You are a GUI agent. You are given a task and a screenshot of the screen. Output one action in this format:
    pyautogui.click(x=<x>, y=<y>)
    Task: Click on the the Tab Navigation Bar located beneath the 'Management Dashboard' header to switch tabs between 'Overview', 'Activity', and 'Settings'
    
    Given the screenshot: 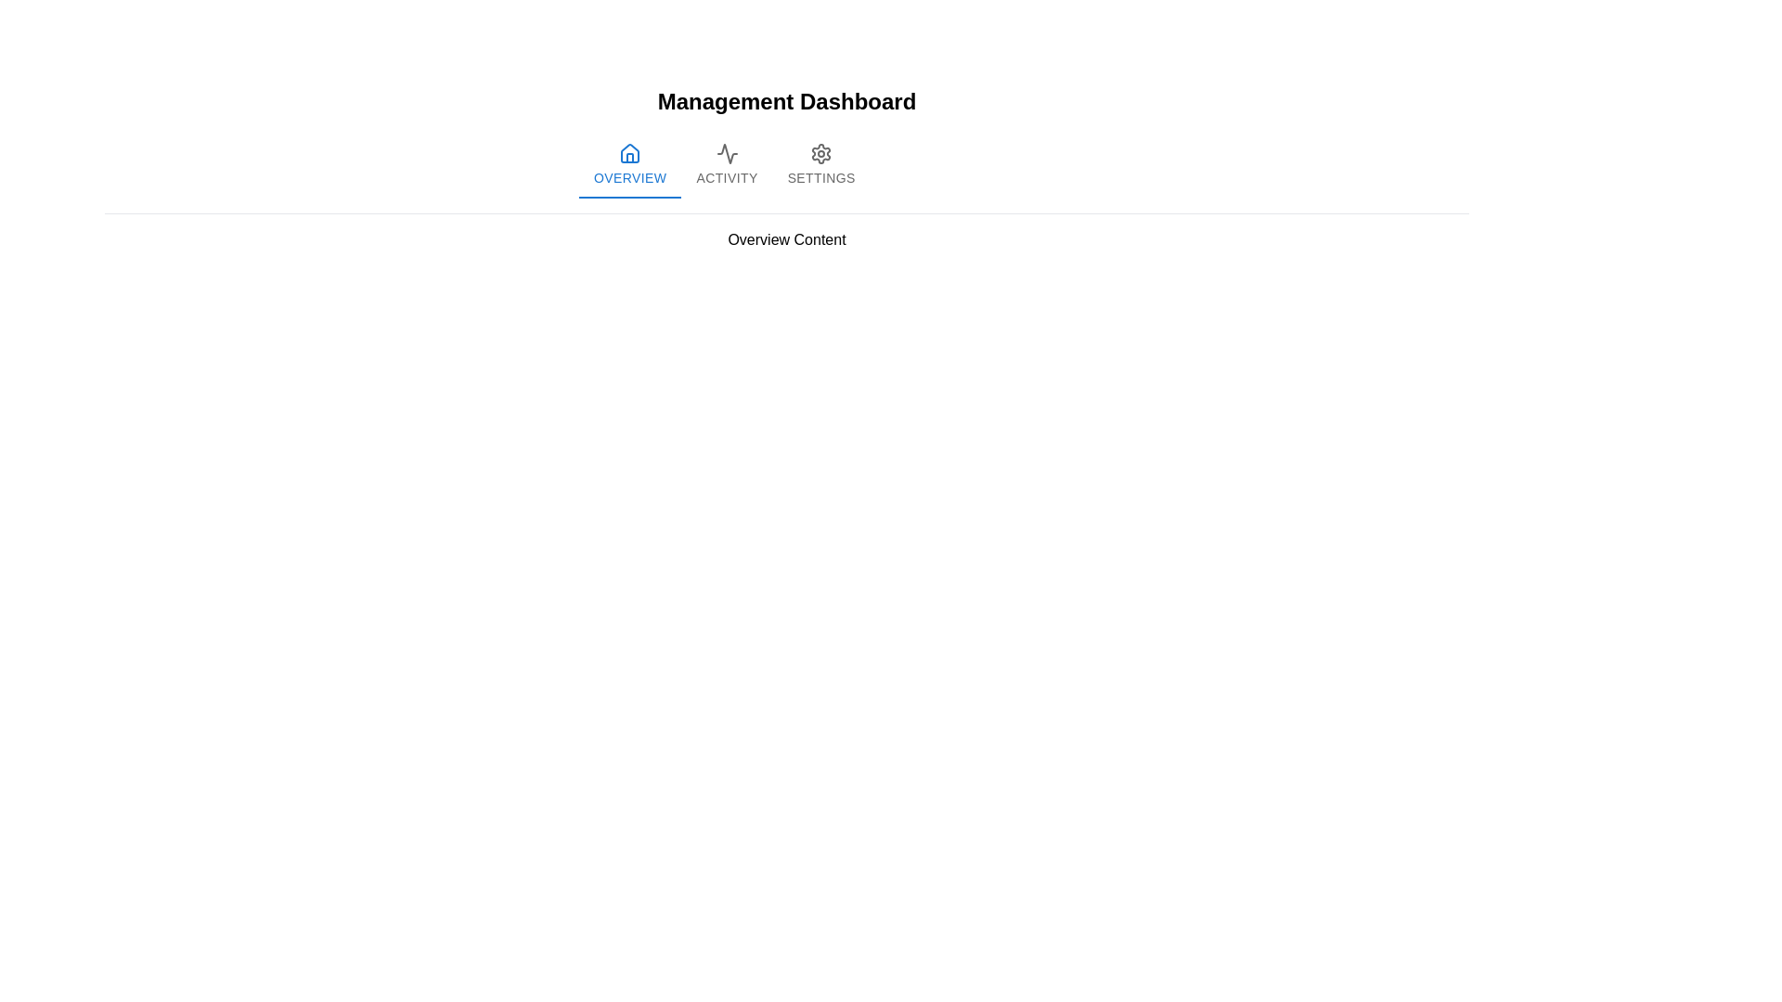 What is the action you would take?
    pyautogui.click(x=787, y=163)
    